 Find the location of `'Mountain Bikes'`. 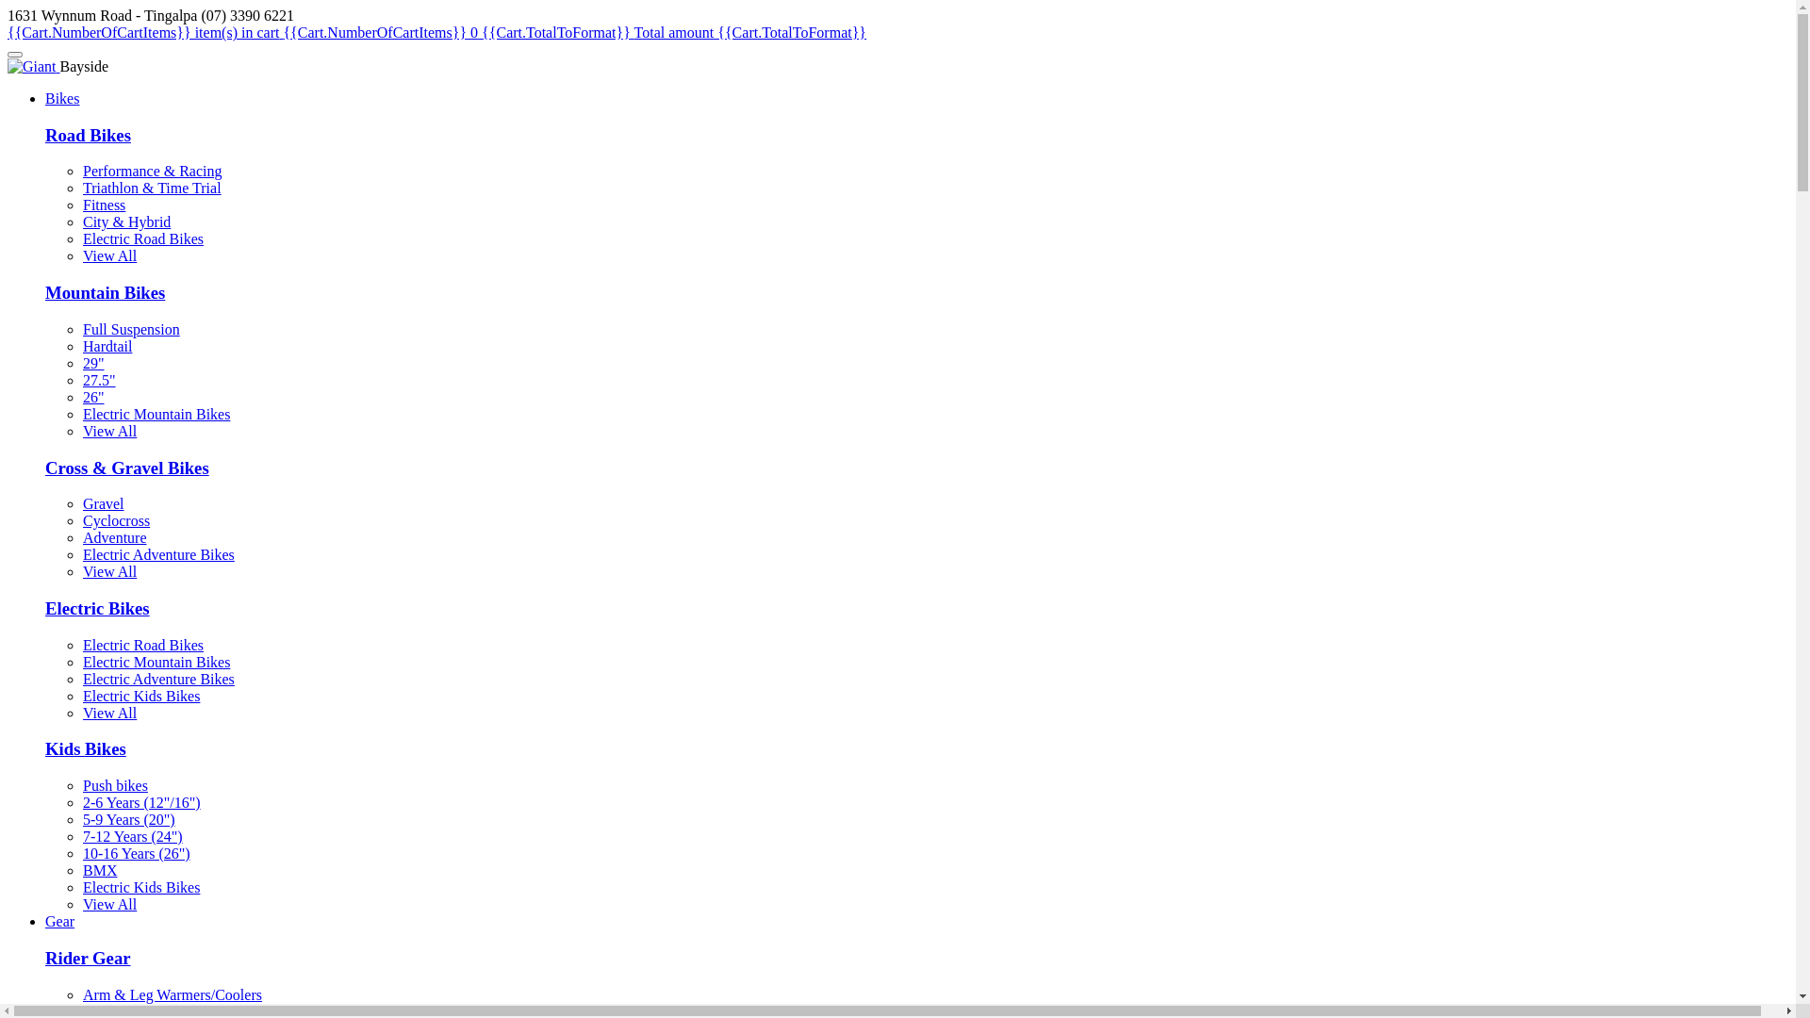

'Mountain Bikes' is located at coordinates (45, 292).